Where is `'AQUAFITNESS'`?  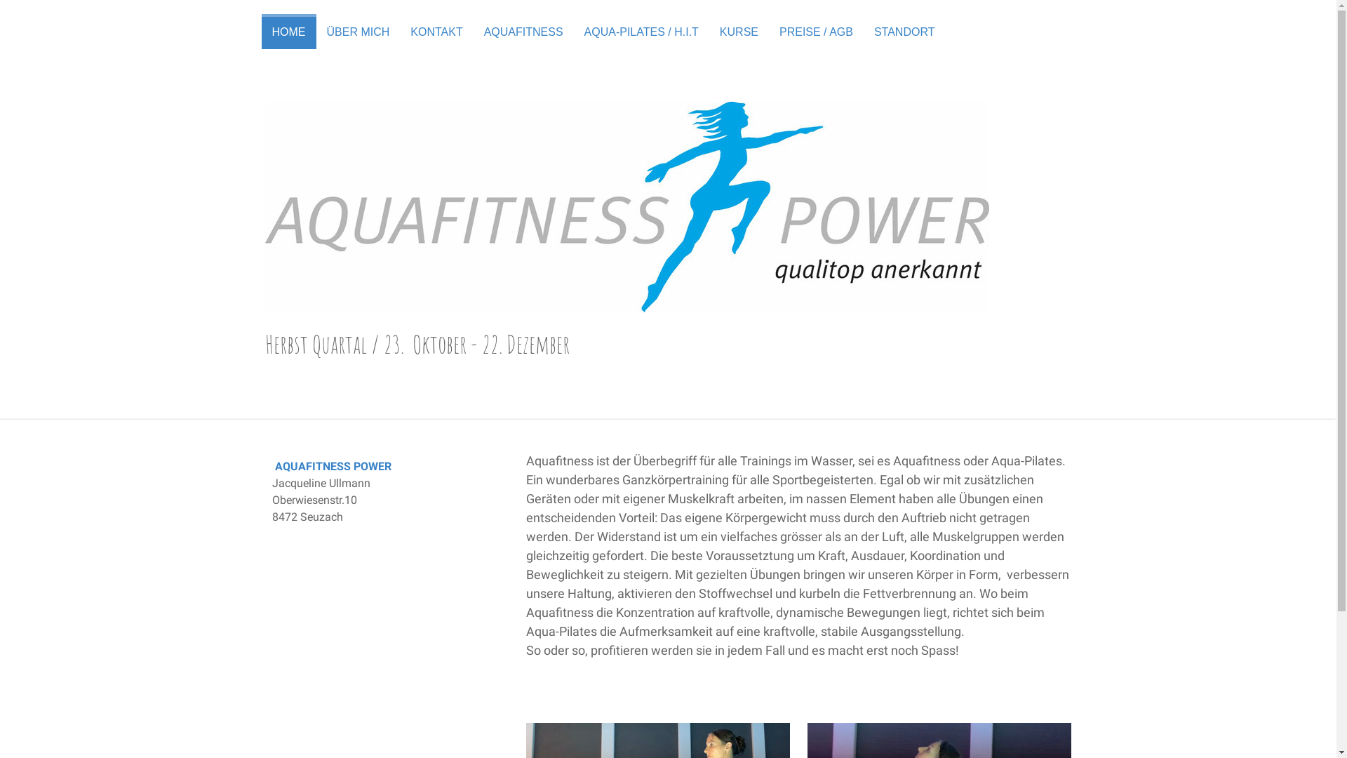
'AQUAFITNESS' is located at coordinates (523, 32).